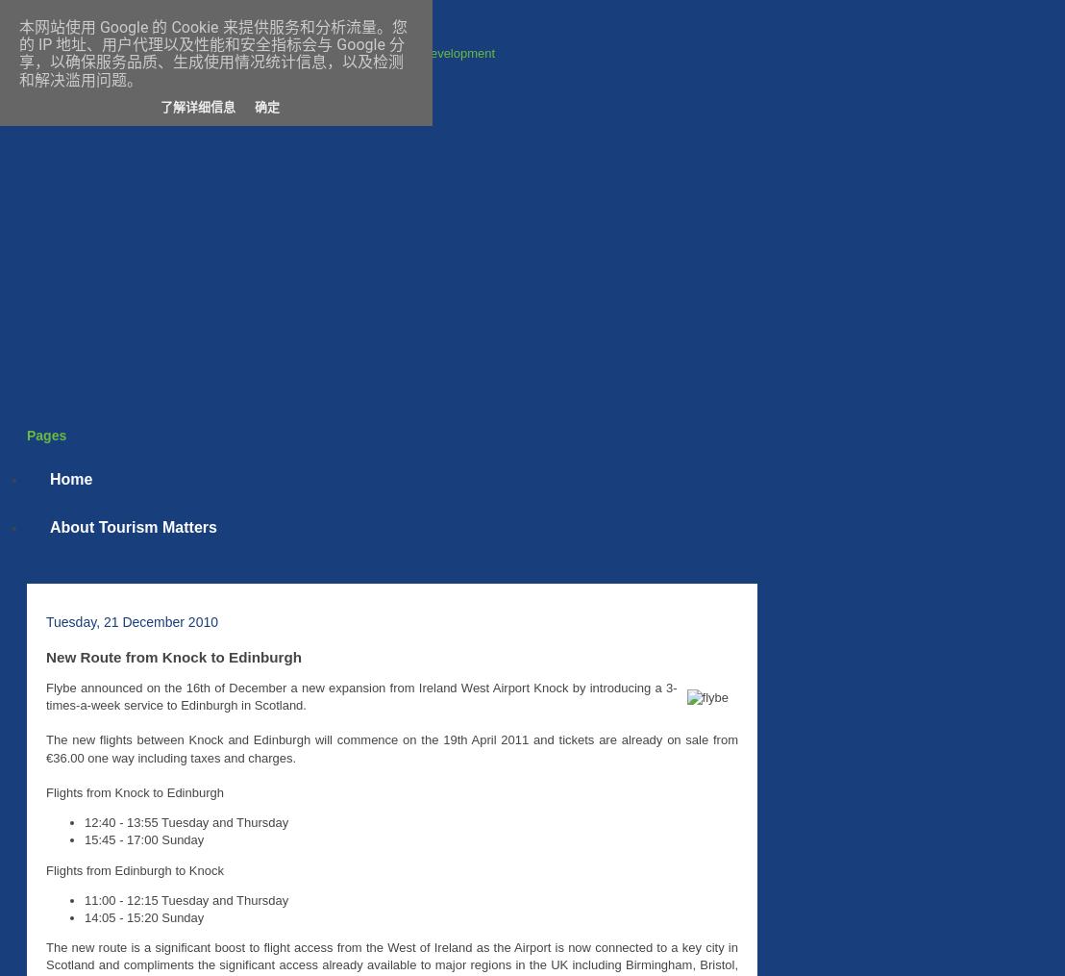  Describe the element at coordinates (391, 747) in the screenshot. I see `'The new flights between Knock and Edinburgh will commence on the 19th April 2011 and tickets are already on sale from €36.00 one way including taxes and charges.'` at that location.